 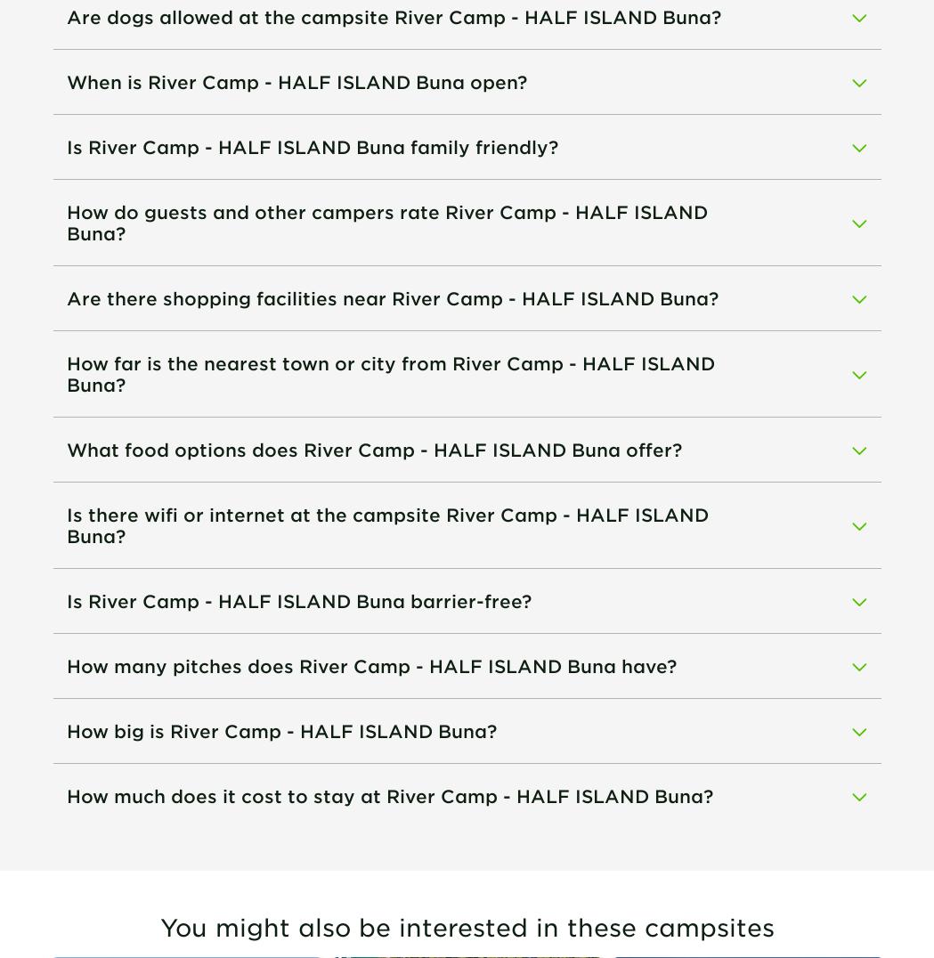 I want to click on 'How far is the nearest town or city from River Camp - HALF ISLAND Buna?', so click(x=388, y=373).